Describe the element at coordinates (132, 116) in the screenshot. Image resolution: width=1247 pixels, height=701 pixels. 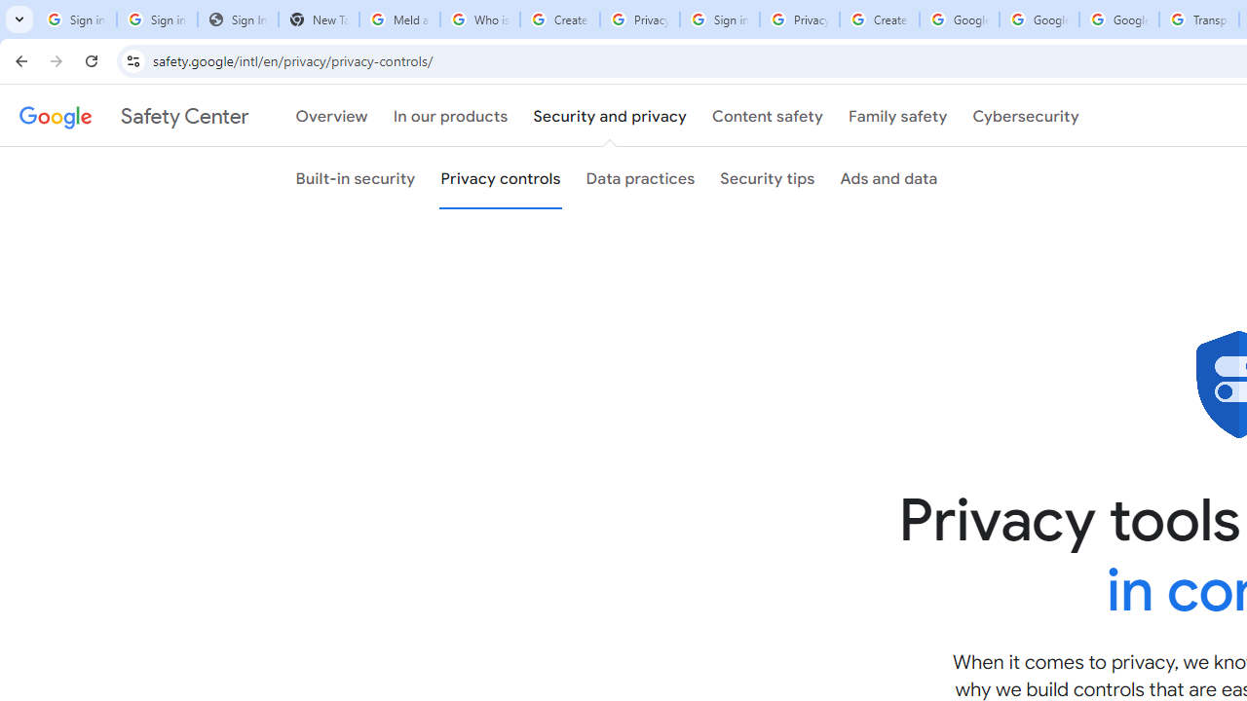
I see `'Safety Center'` at that location.